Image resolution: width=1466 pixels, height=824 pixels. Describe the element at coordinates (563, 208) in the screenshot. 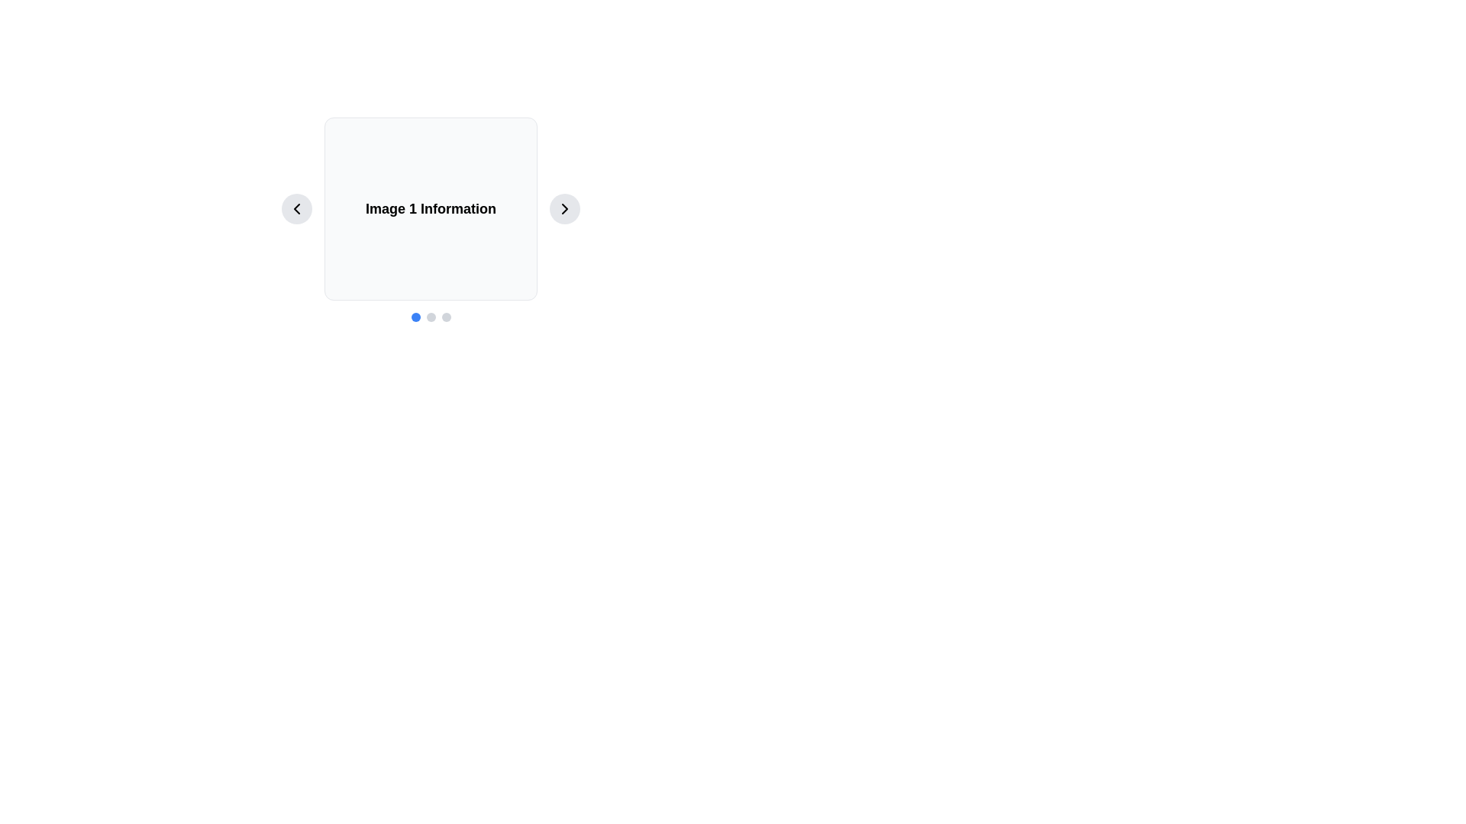

I see `the right-facing chevron icon used for navigation in the carousel interface` at that location.